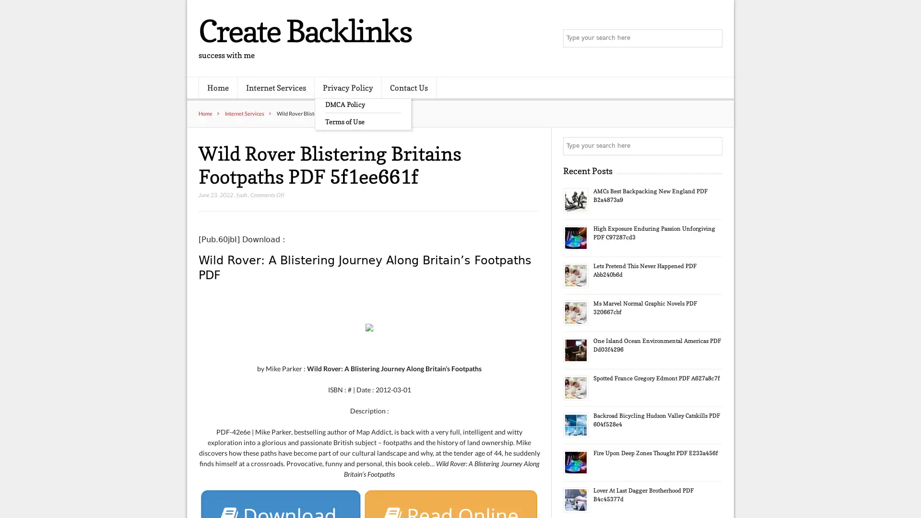  I want to click on Search, so click(712, 146).